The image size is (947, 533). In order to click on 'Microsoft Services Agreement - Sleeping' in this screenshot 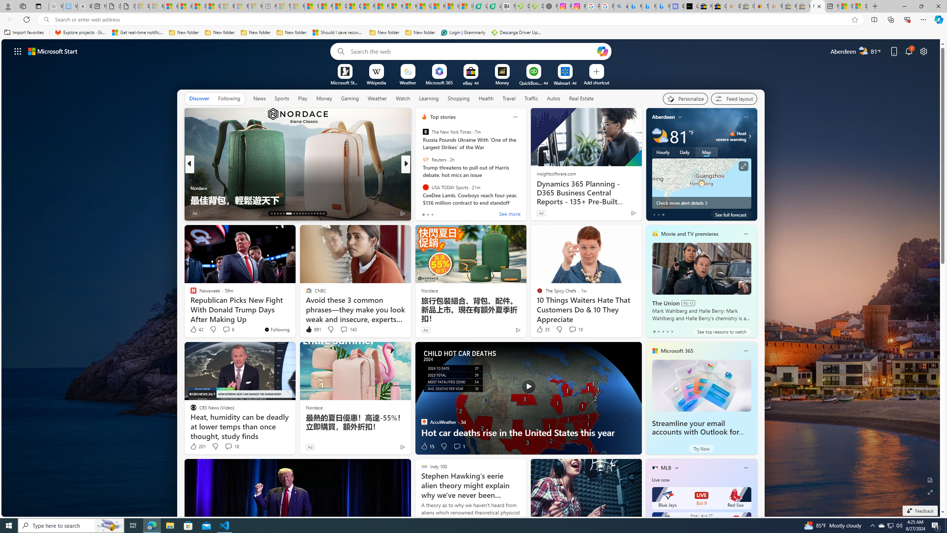, I will do `click(156, 6)`.